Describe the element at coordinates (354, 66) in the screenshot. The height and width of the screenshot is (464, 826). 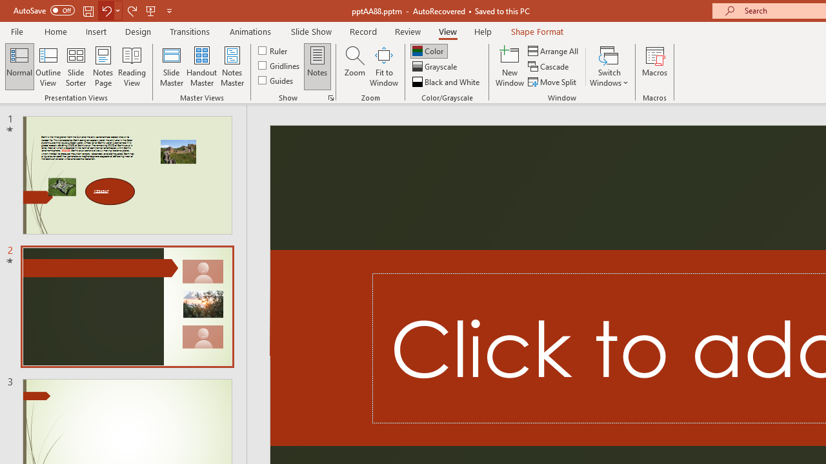
I see `'Zoom...'` at that location.